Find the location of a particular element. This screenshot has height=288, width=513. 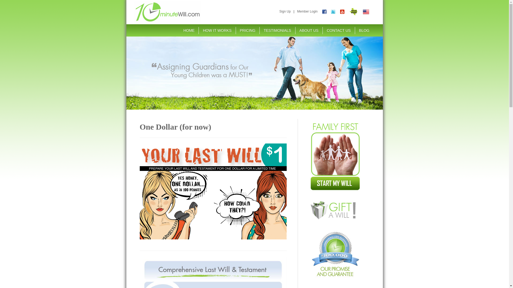

'PRICING' is located at coordinates (247, 30).